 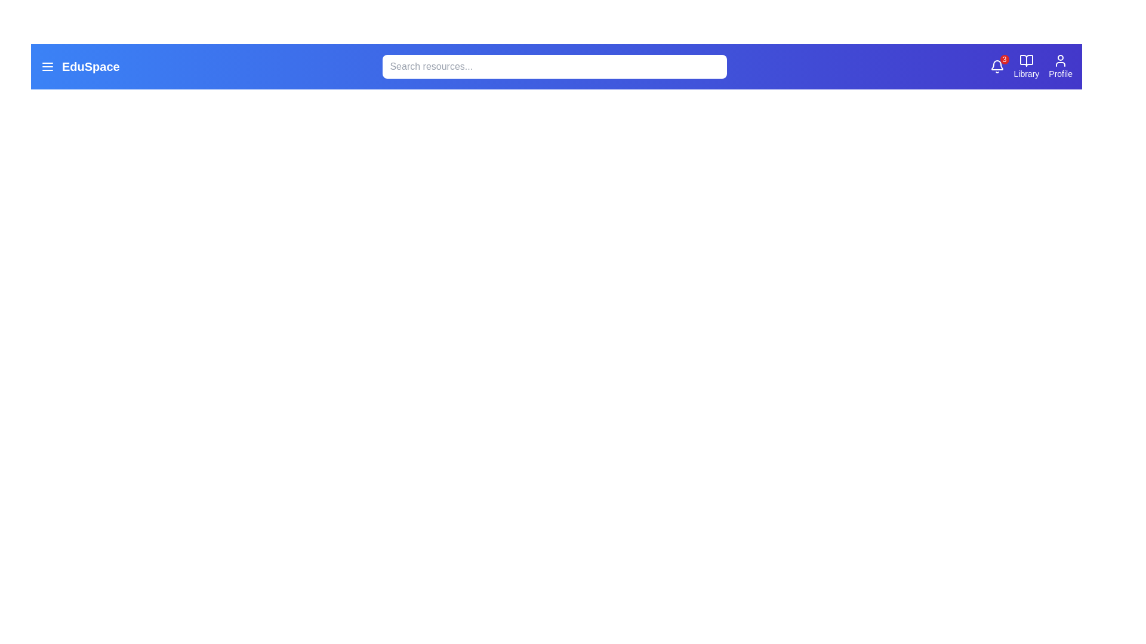 What do you see at coordinates (1060, 66) in the screenshot?
I see `the 'Profile' button to visit the user profile` at bounding box center [1060, 66].